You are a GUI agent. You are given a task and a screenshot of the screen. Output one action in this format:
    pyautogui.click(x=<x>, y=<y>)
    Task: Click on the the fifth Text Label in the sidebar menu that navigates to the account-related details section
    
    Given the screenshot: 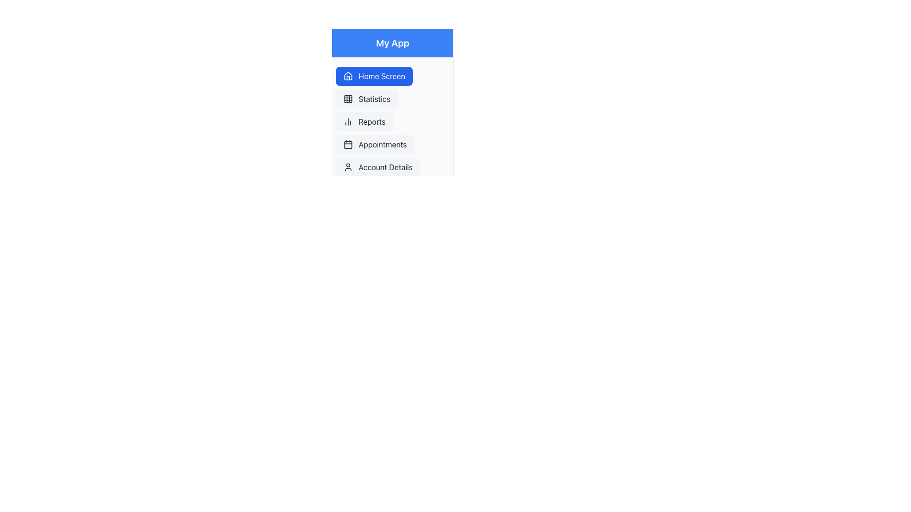 What is the action you would take?
    pyautogui.click(x=385, y=167)
    